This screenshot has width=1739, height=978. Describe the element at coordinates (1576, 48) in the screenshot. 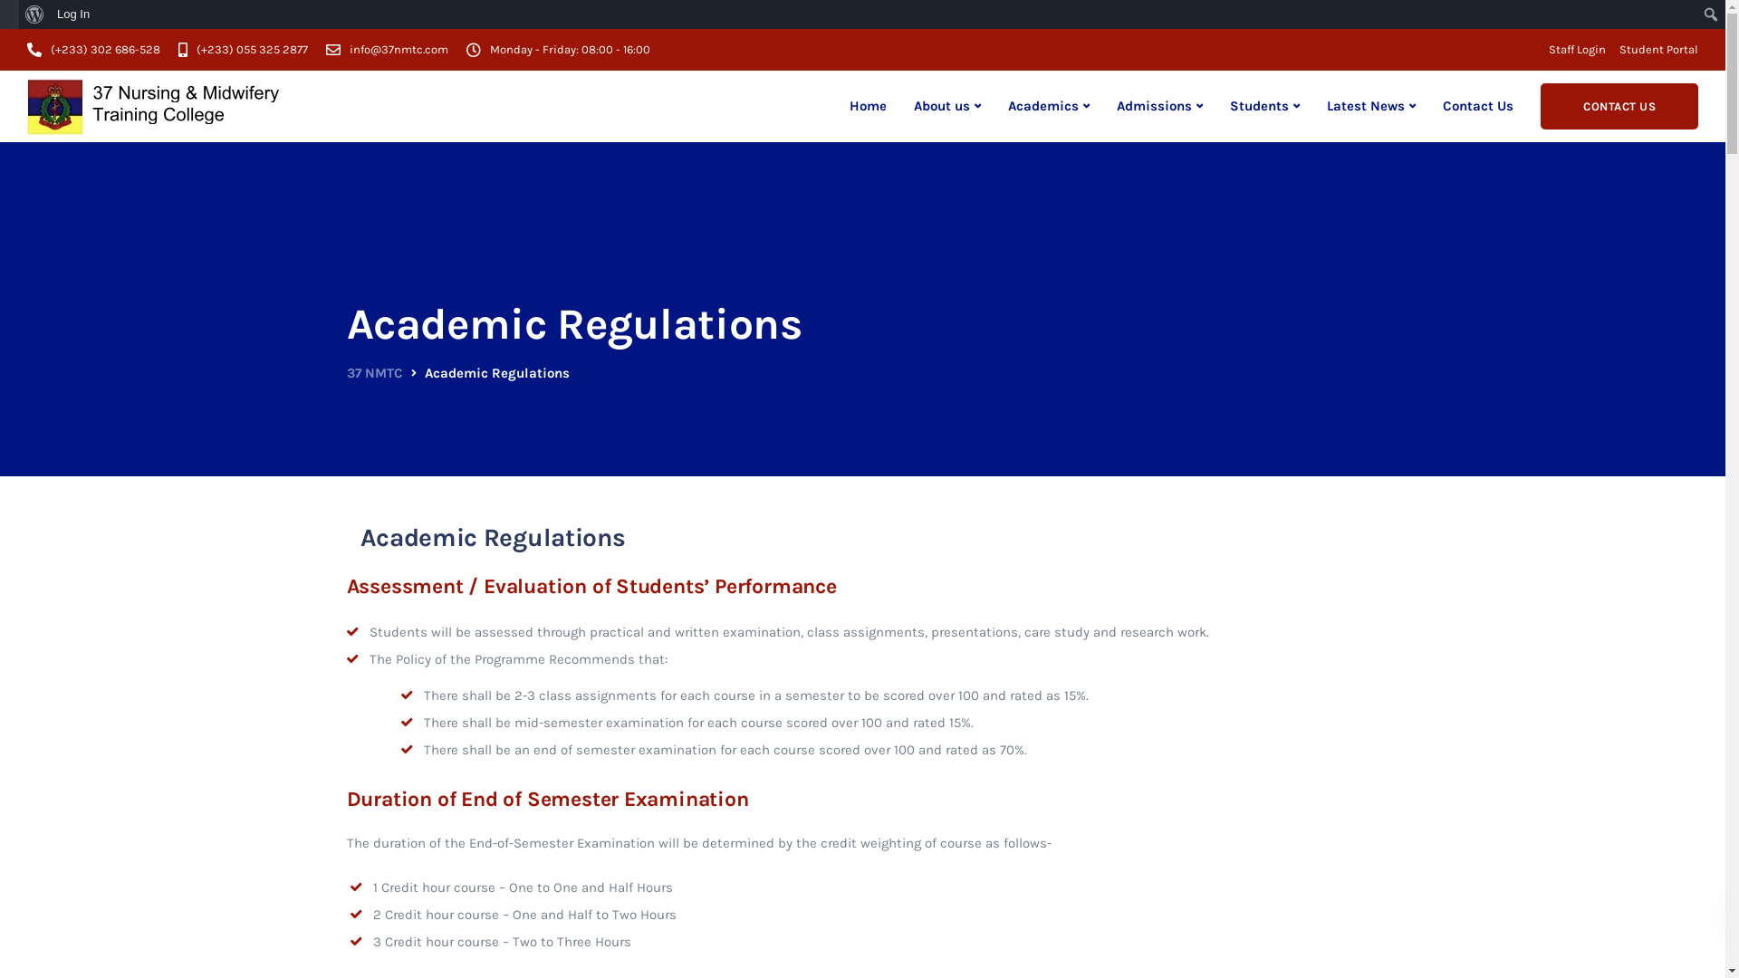

I see `'Staff Login'` at that location.